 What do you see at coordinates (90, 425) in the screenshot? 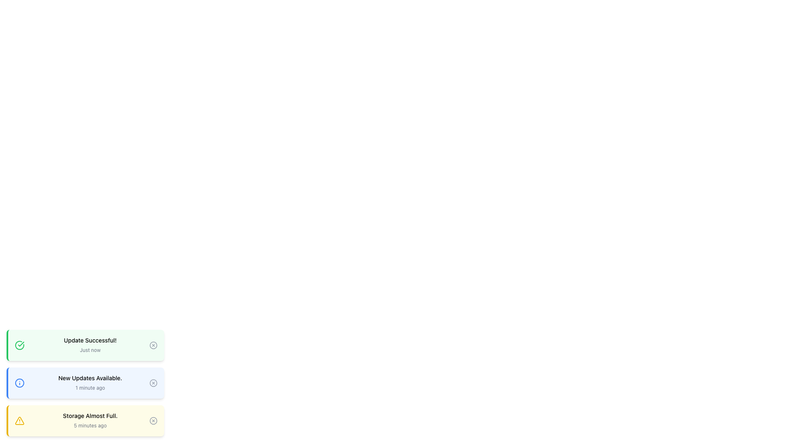
I see `text from the text label displaying '5 minutes ago.' located below the 'Storage Almost Full' alert` at bounding box center [90, 425].